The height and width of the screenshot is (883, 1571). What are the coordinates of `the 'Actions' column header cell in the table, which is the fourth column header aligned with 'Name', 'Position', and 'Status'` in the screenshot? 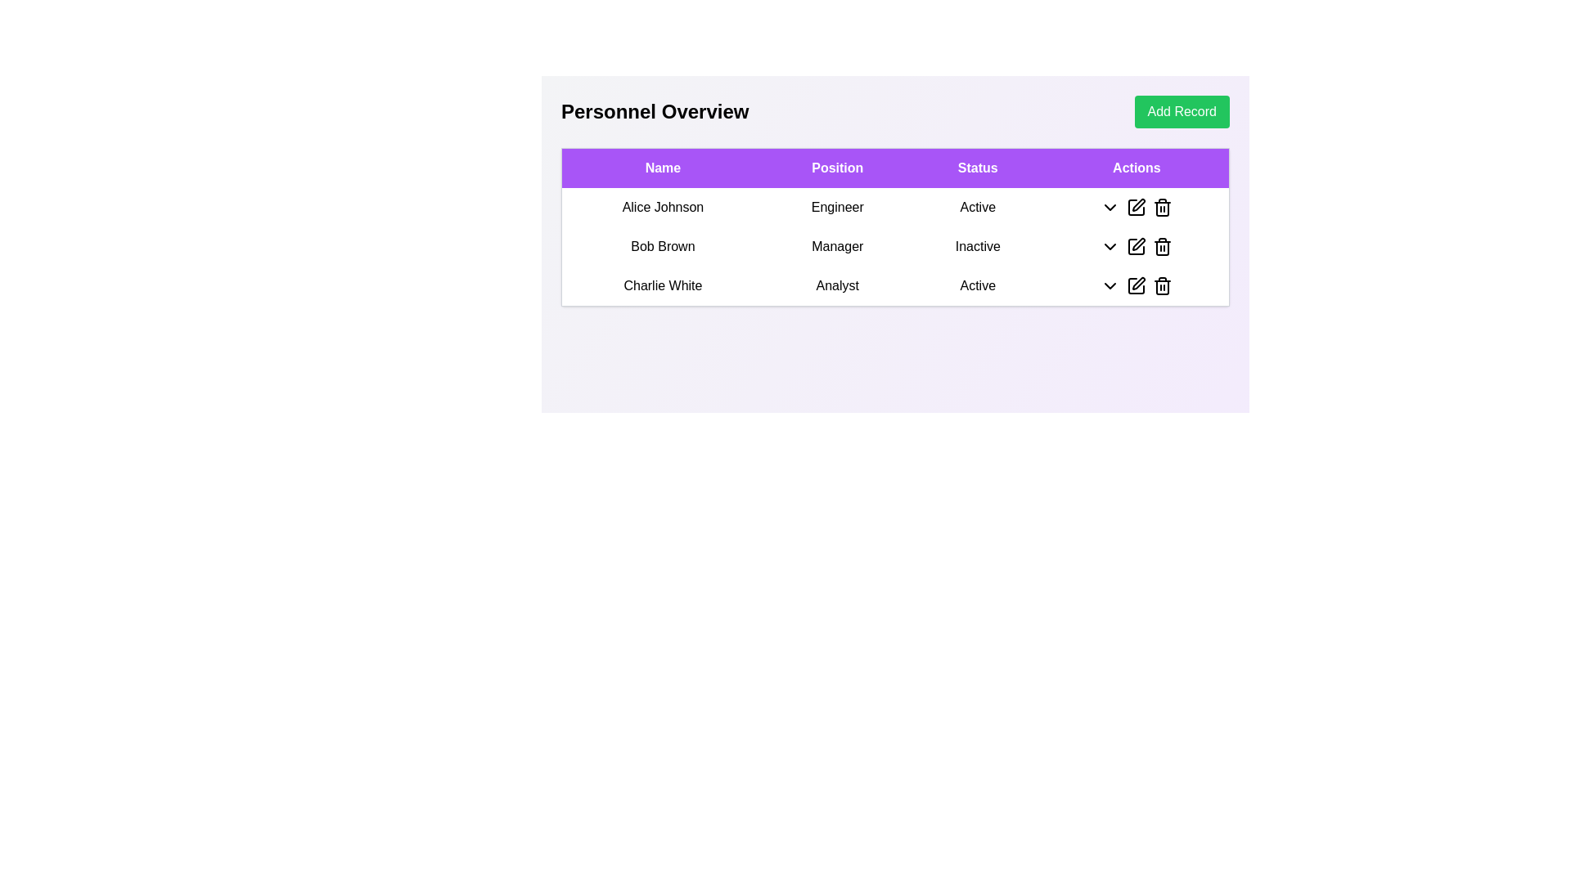 It's located at (1136, 168).